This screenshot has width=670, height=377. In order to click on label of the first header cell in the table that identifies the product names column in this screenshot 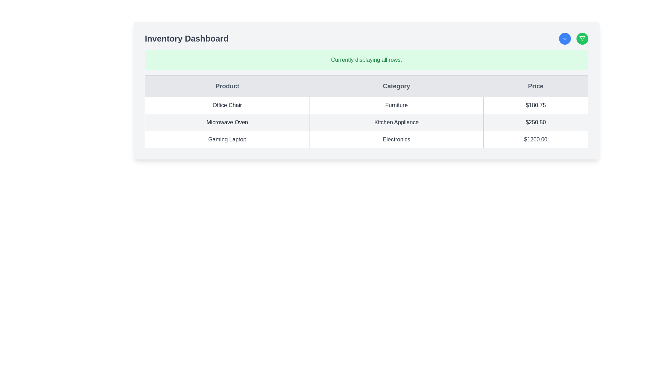, I will do `click(227, 86)`.